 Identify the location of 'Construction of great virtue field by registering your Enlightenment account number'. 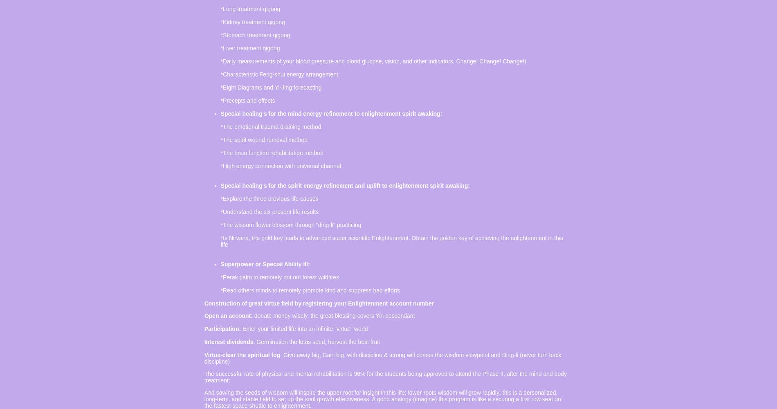
(204, 303).